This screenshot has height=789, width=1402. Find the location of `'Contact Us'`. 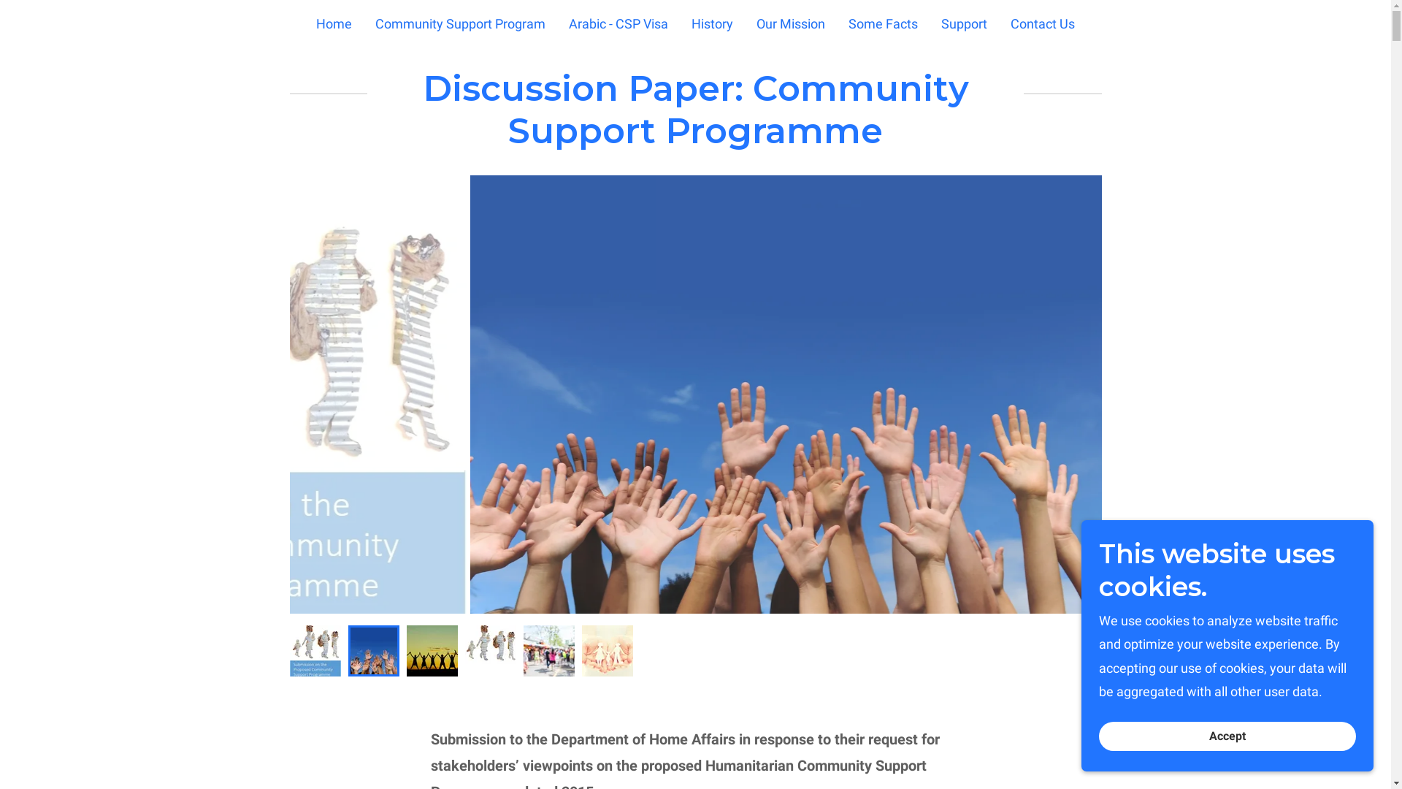

'Contact Us' is located at coordinates (1041, 23).